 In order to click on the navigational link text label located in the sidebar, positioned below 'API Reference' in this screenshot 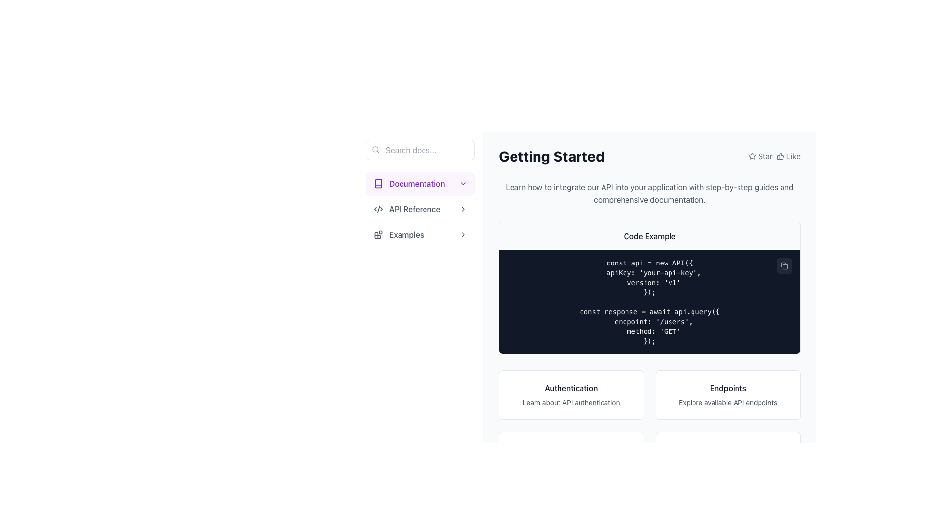, I will do `click(406, 234)`.